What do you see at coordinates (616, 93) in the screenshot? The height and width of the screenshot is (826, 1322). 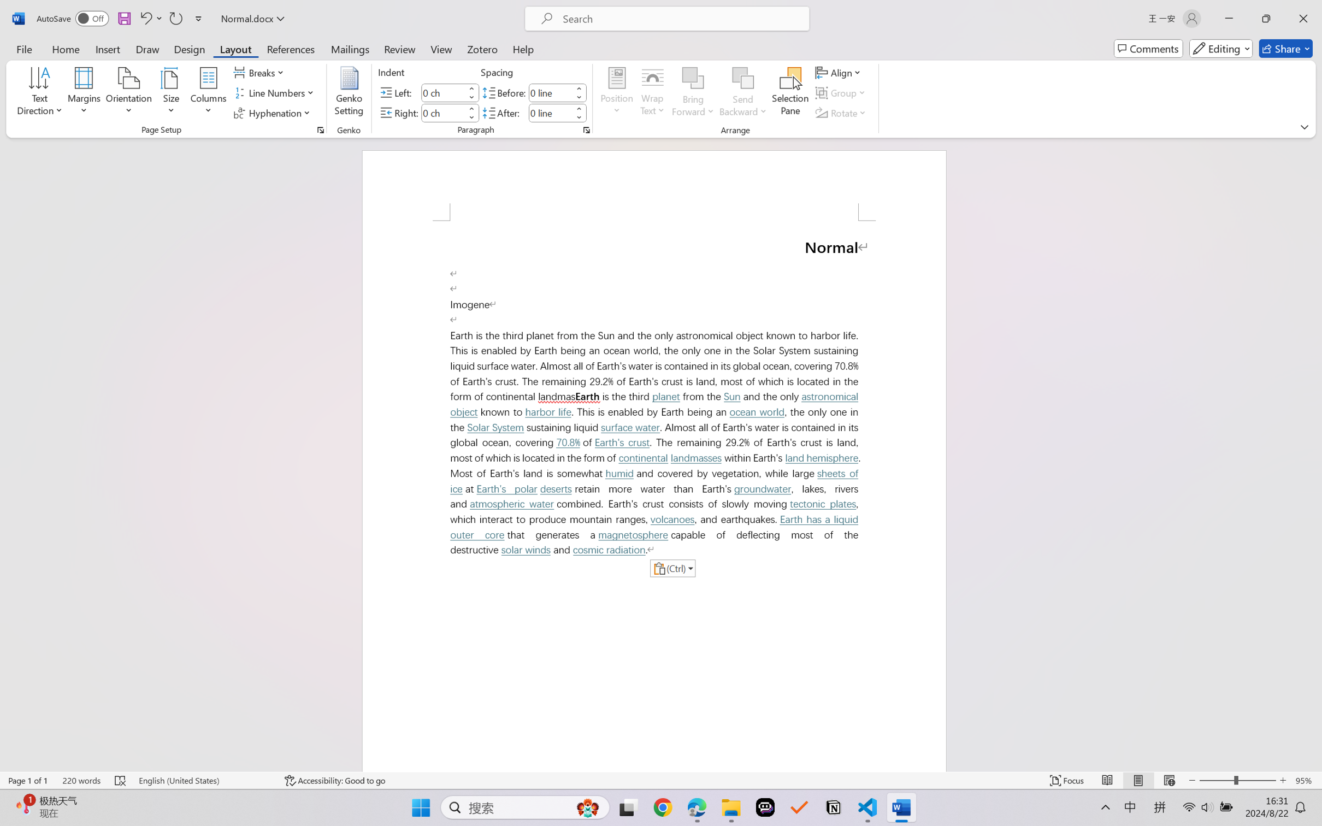 I see `'Position'` at bounding box center [616, 93].